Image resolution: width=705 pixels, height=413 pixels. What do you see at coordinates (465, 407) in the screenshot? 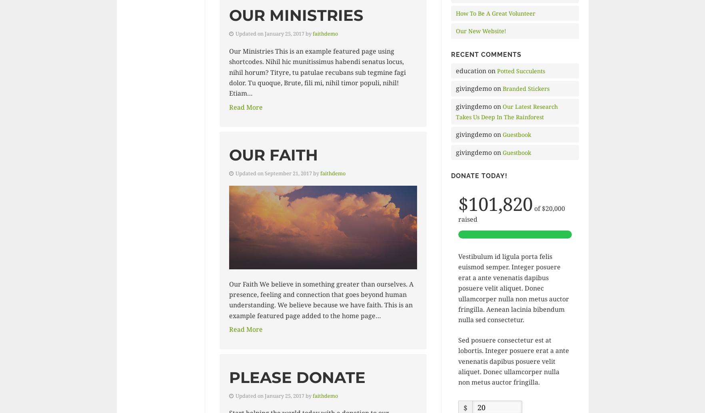
I see `'$'` at bounding box center [465, 407].